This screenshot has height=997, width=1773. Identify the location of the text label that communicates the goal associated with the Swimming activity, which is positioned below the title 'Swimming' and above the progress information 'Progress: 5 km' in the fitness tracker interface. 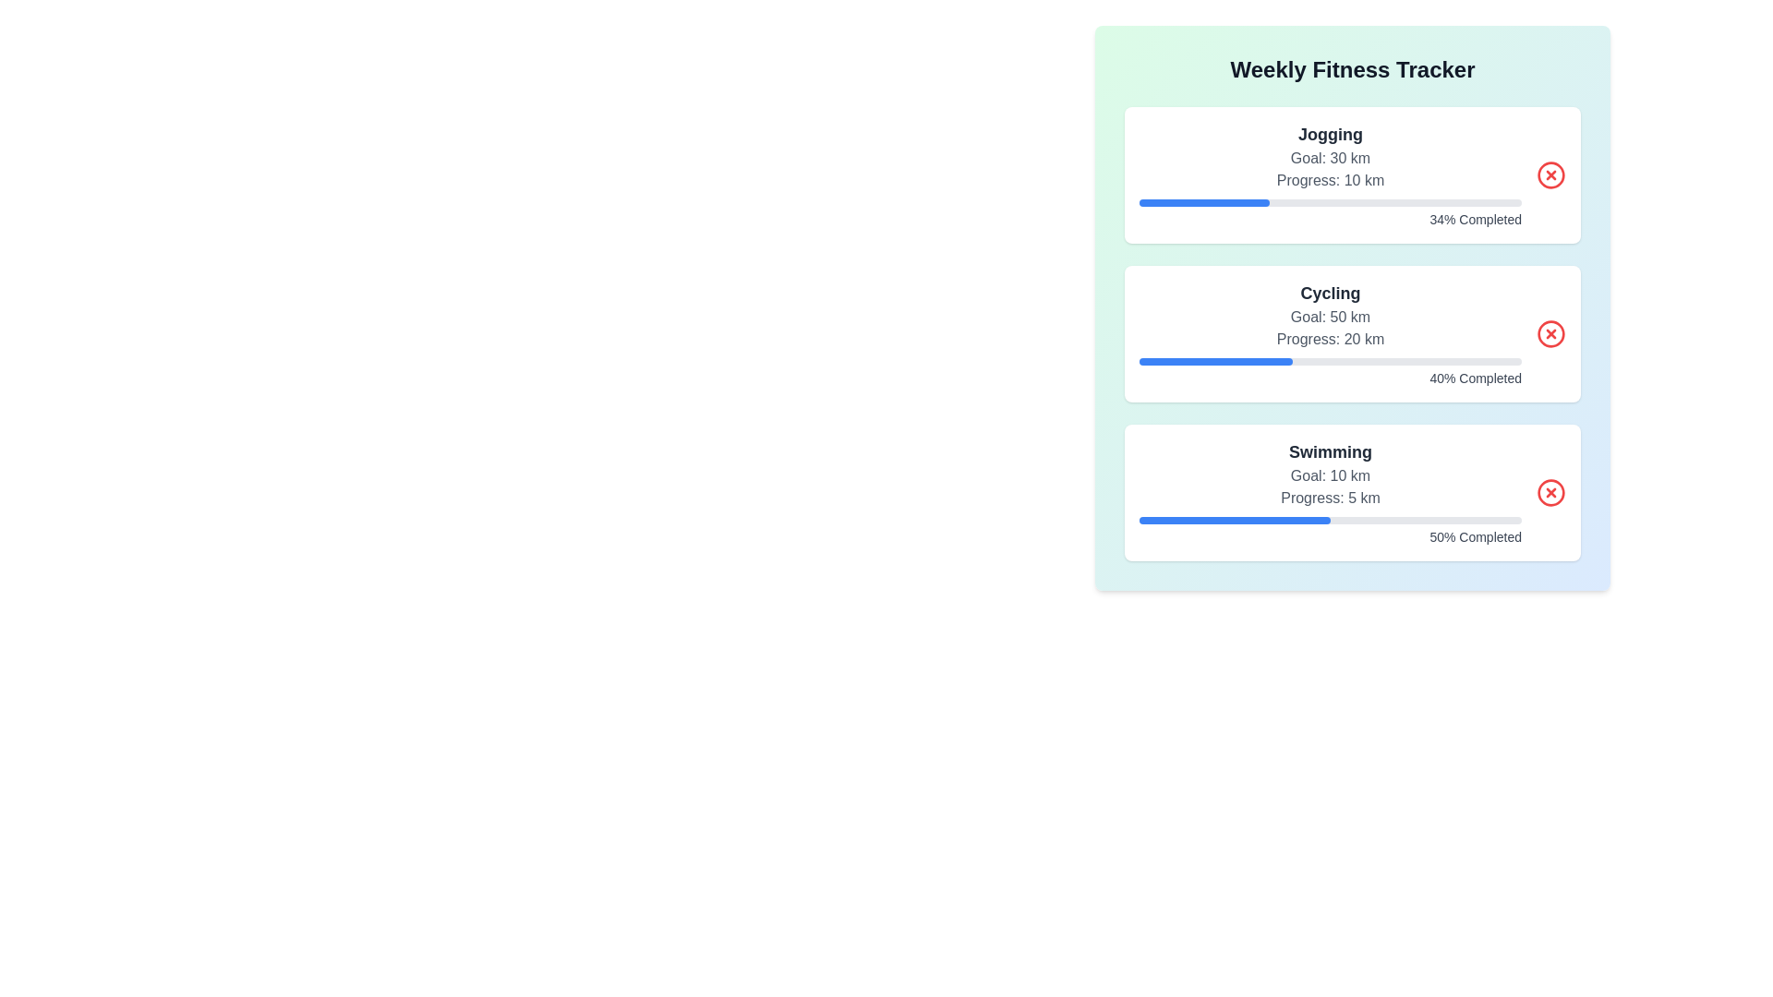
(1330, 475).